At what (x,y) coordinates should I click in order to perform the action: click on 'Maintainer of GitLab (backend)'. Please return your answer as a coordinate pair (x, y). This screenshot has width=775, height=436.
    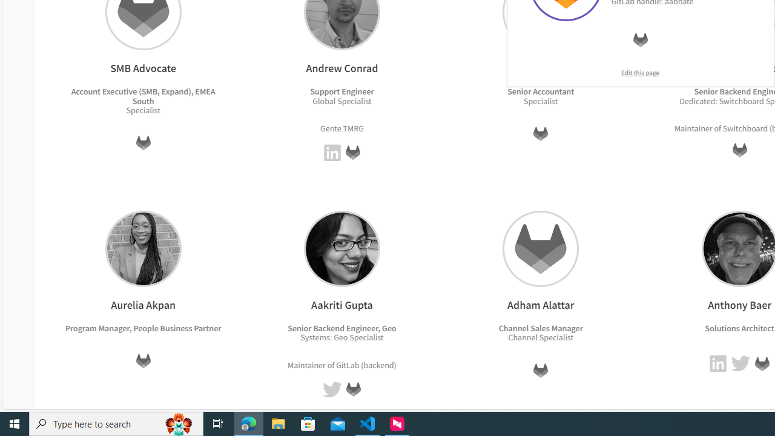
    Looking at the image, I should click on (341, 364).